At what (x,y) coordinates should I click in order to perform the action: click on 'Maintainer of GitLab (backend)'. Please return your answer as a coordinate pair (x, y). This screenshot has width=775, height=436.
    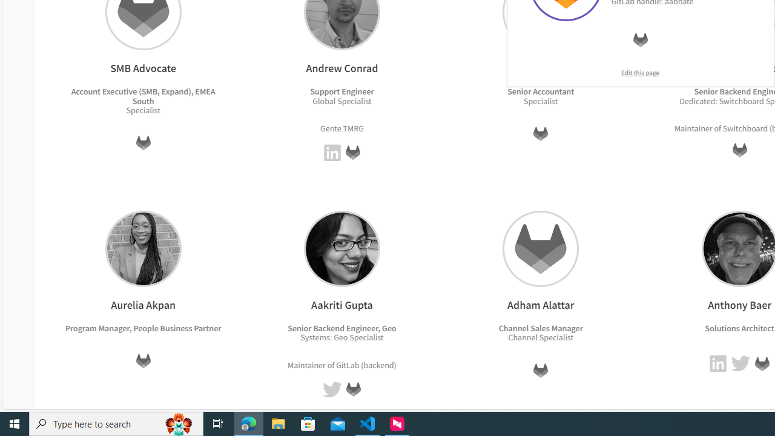
    Looking at the image, I should click on (341, 364).